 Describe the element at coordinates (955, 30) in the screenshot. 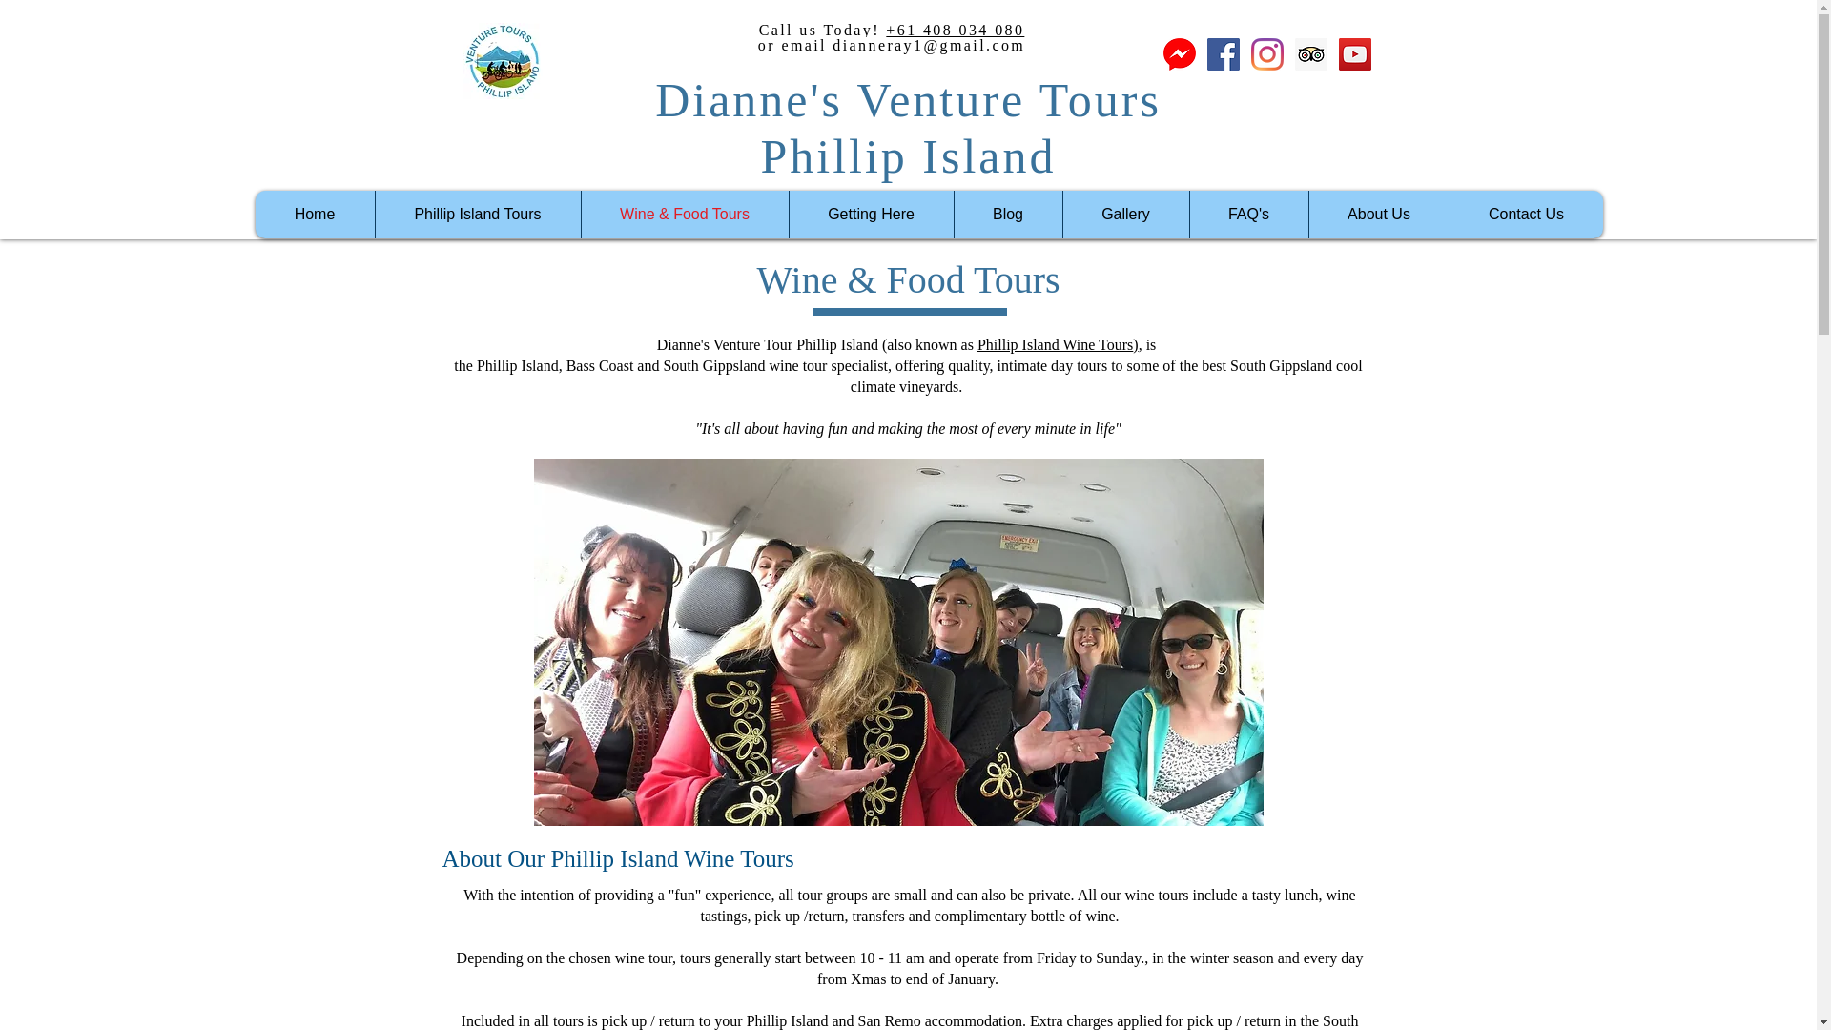

I see `'+61 408 034 080'` at that location.